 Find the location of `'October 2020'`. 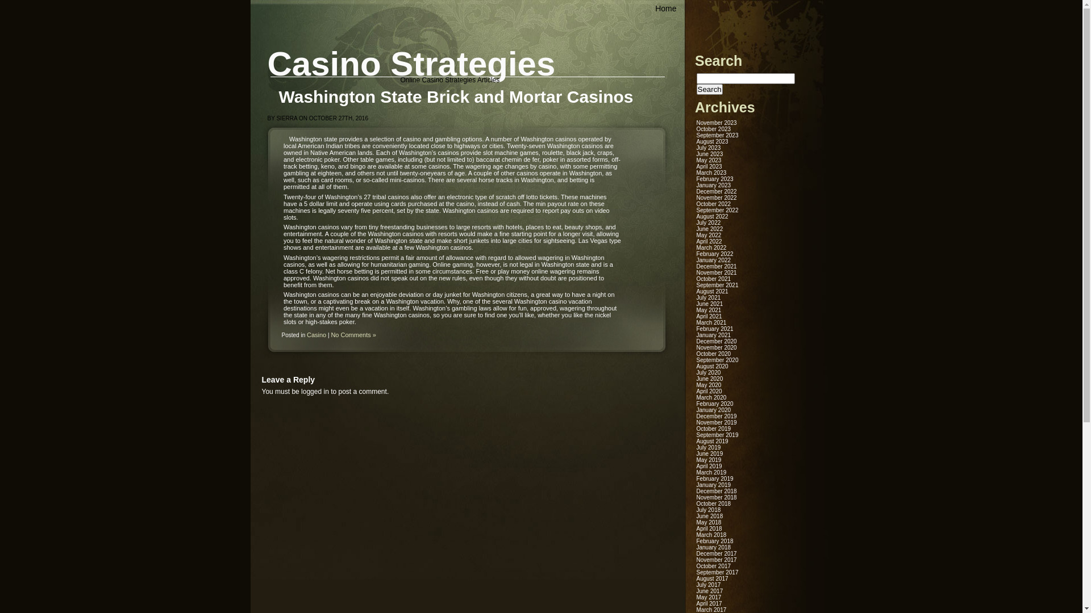

'October 2020' is located at coordinates (713, 353).